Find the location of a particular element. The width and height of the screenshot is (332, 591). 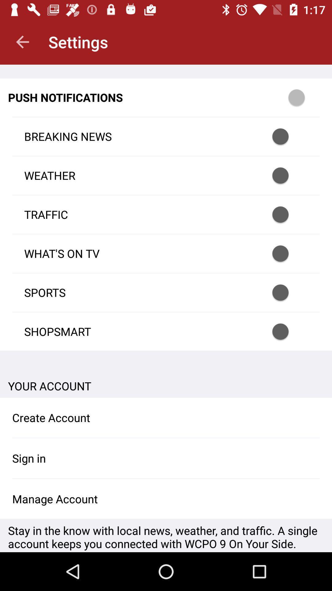

push notifications is located at coordinates (288, 215).